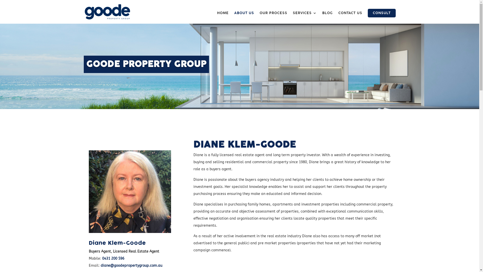 This screenshot has width=483, height=272. What do you see at coordinates (350, 17) in the screenshot?
I see `'CONTACT US'` at bounding box center [350, 17].